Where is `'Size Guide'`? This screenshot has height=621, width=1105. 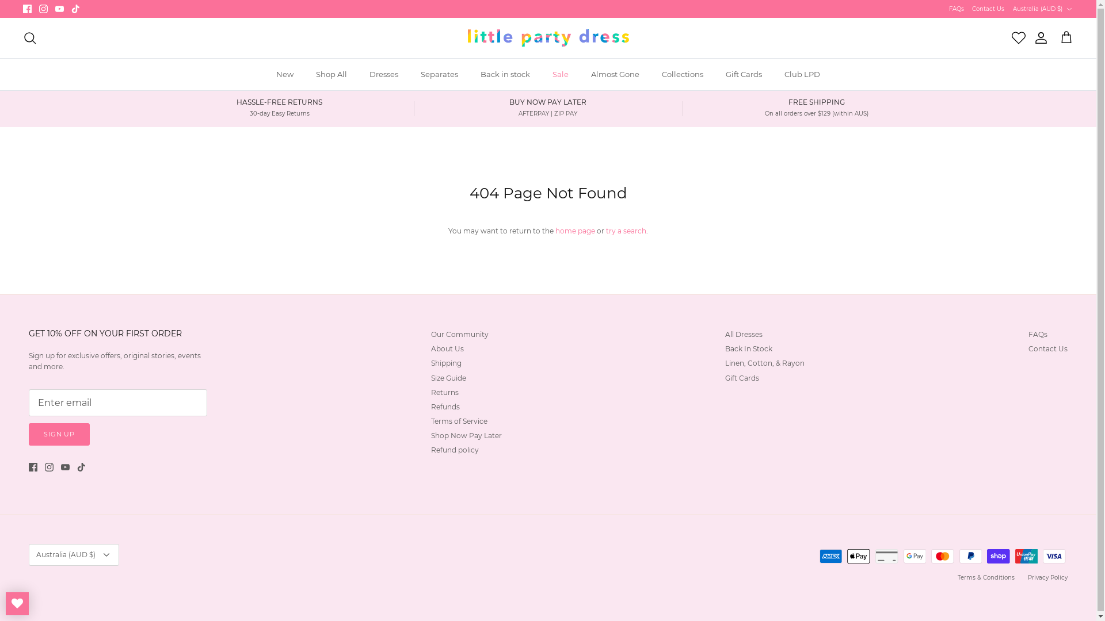
'Size Guide' is located at coordinates (448, 378).